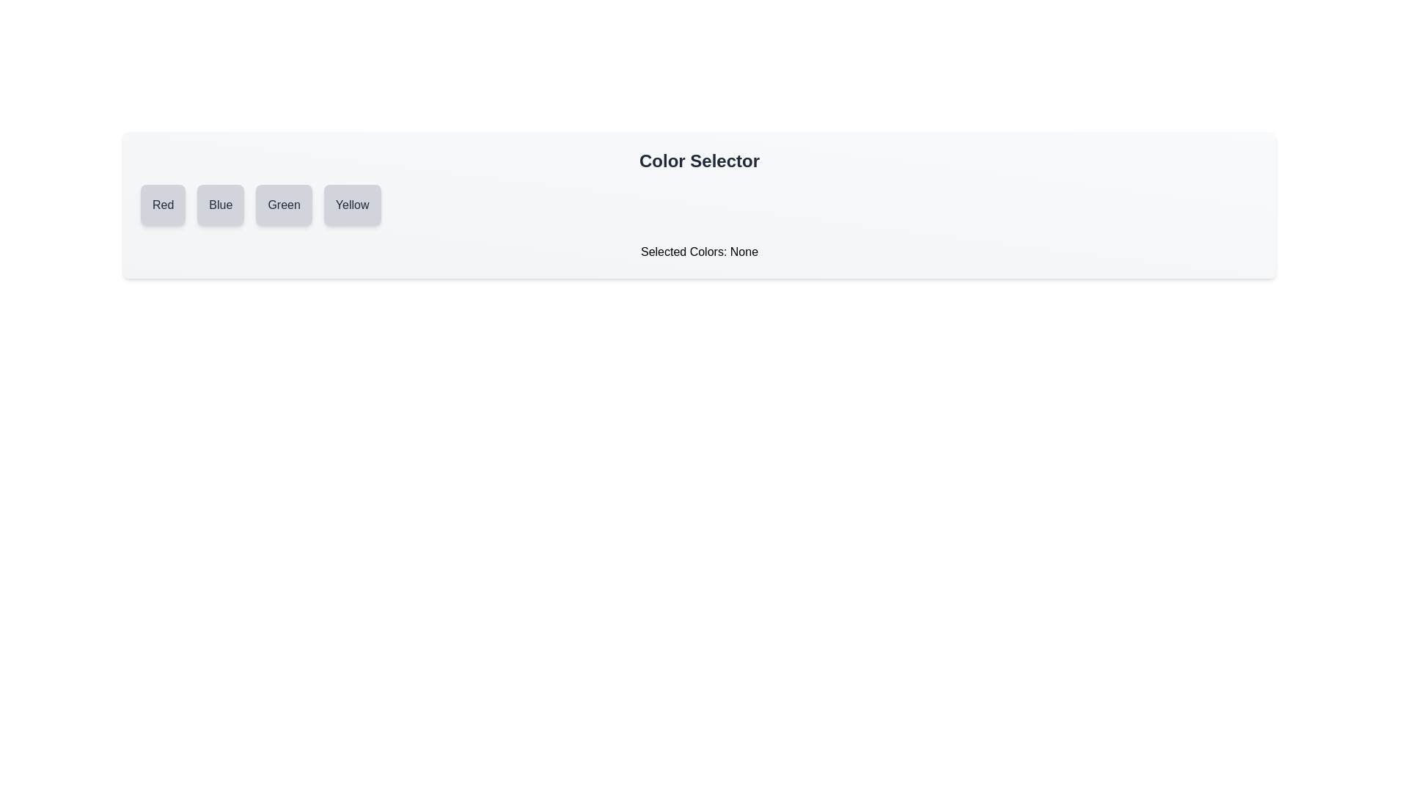 This screenshot has width=1408, height=792. Describe the element at coordinates (220, 205) in the screenshot. I see `the color Blue by clicking its button` at that location.